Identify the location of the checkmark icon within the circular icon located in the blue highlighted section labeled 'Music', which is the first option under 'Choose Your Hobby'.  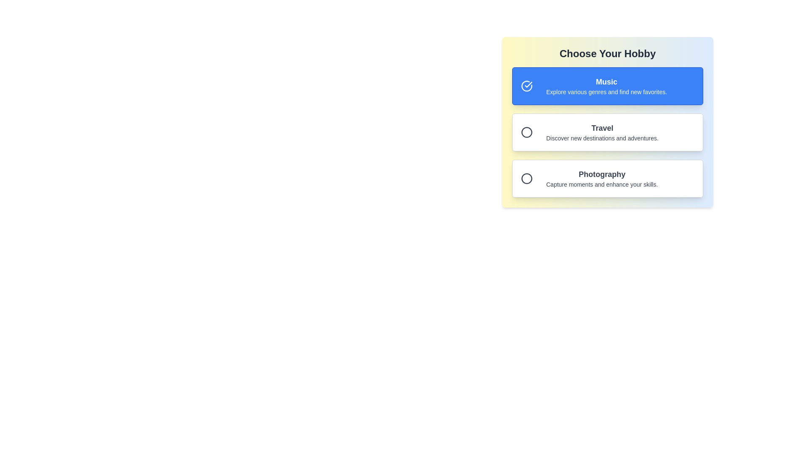
(528, 84).